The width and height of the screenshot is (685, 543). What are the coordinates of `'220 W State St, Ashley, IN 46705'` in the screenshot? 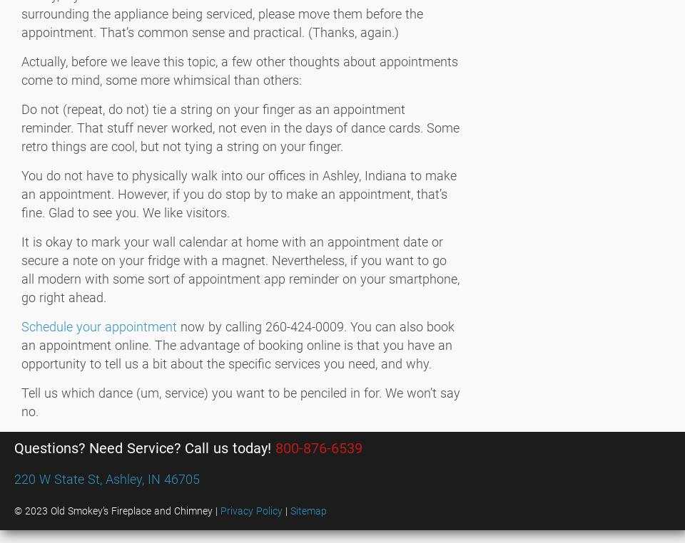 It's located at (106, 478).